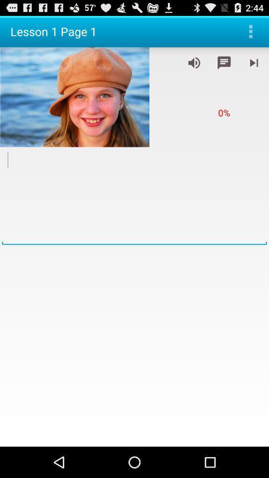 The image size is (269, 478). I want to click on comment on video, so click(224, 62).